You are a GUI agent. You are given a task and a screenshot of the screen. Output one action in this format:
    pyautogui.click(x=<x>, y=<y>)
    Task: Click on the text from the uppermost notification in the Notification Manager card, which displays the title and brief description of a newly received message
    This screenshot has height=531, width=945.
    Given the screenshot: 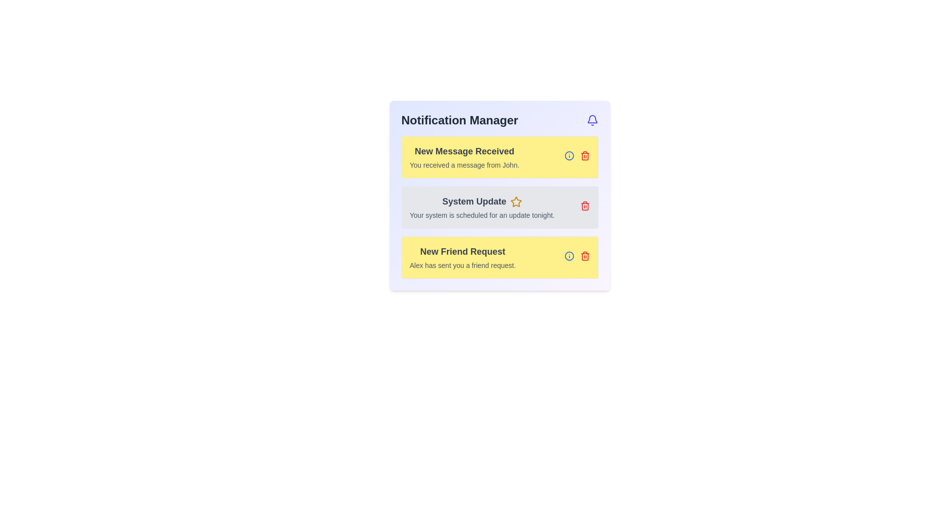 What is the action you would take?
    pyautogui.click(x=464, y=157)
    